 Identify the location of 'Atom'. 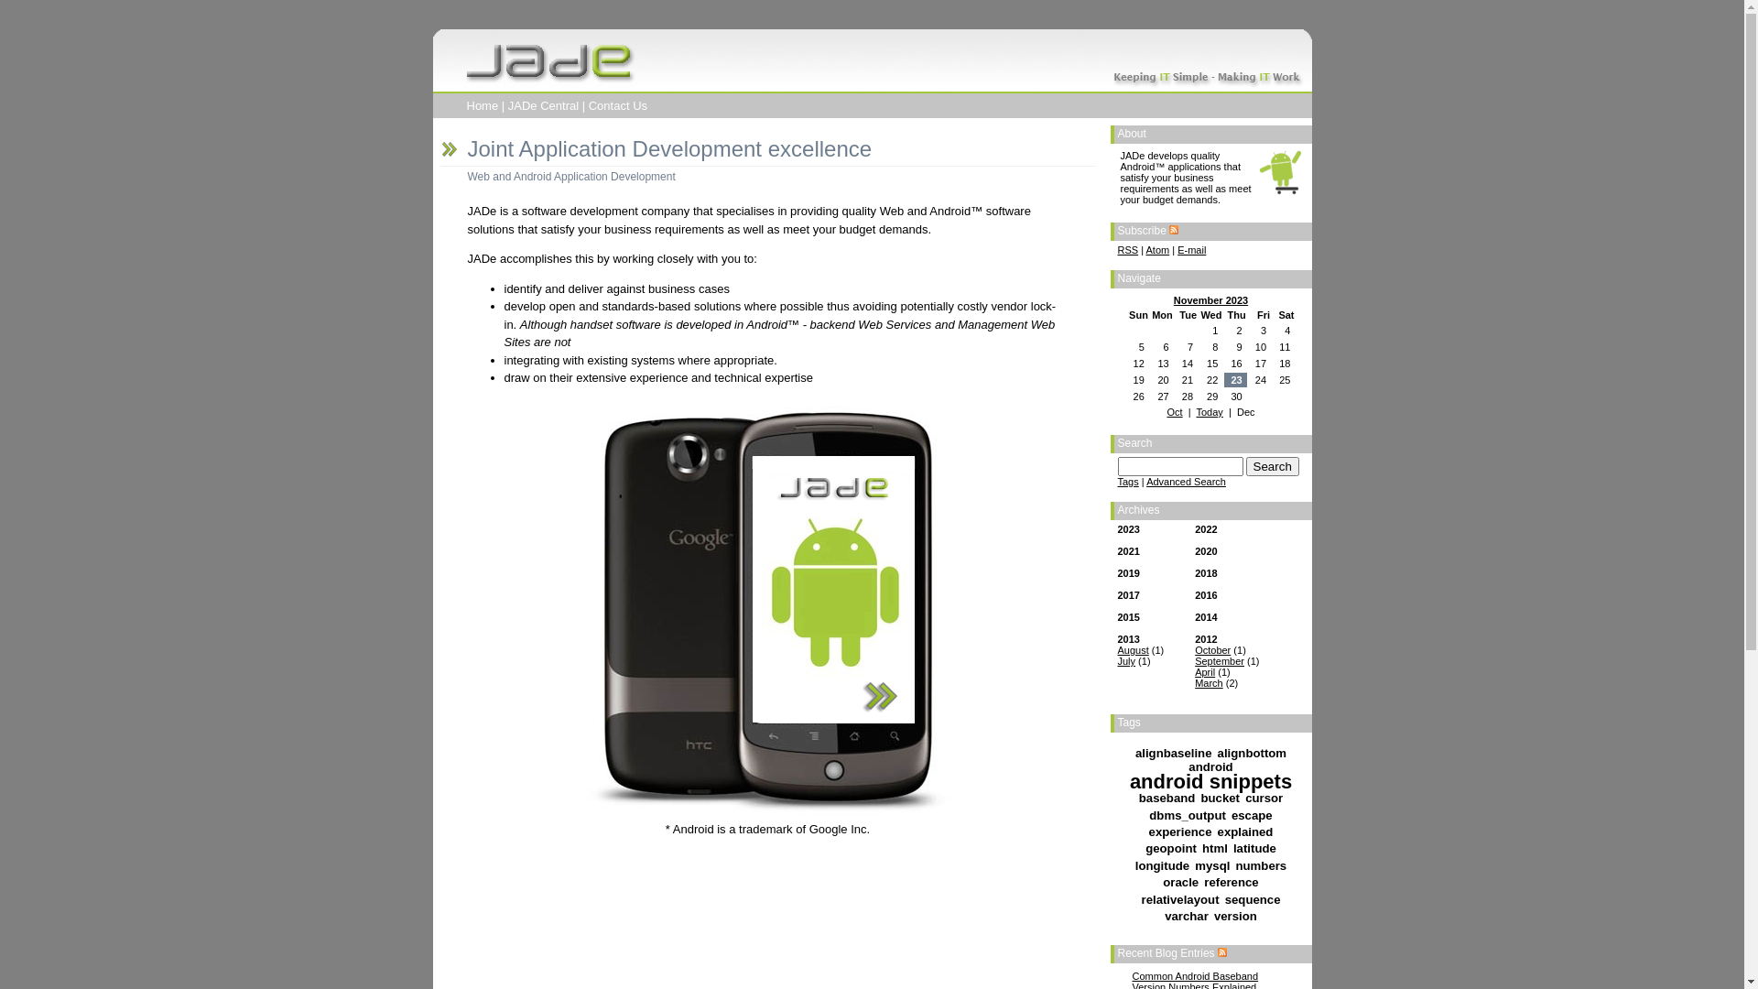
(1145, 250).